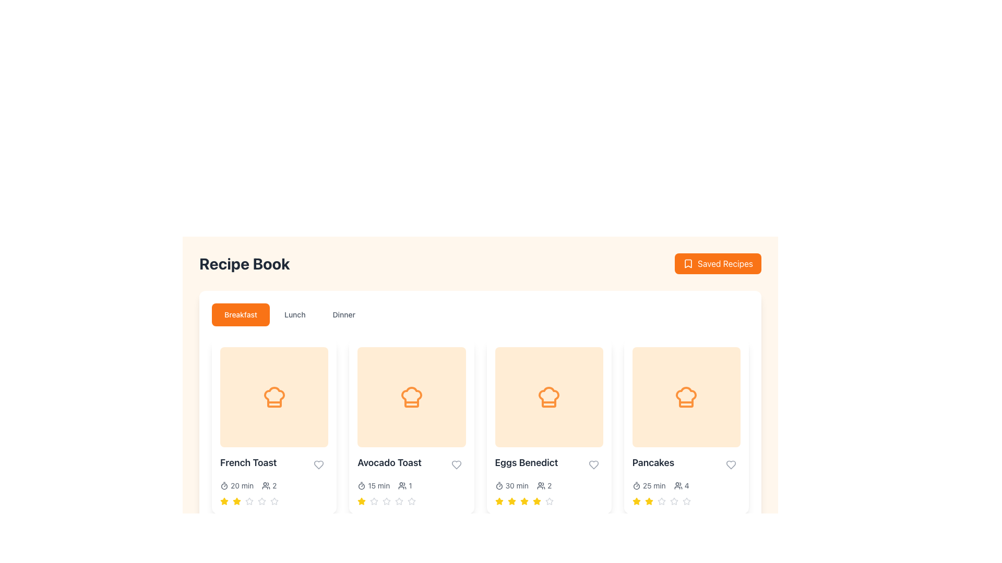  What do you see at coordinates (374, 500) in the screenshot?
I see `the first rating star for the 'Avocado Toast' recipe, which serves as the lowest rating level and is located under the 'Breakfast' tab in the recipe listing interface` at bounding box center [374, 500].